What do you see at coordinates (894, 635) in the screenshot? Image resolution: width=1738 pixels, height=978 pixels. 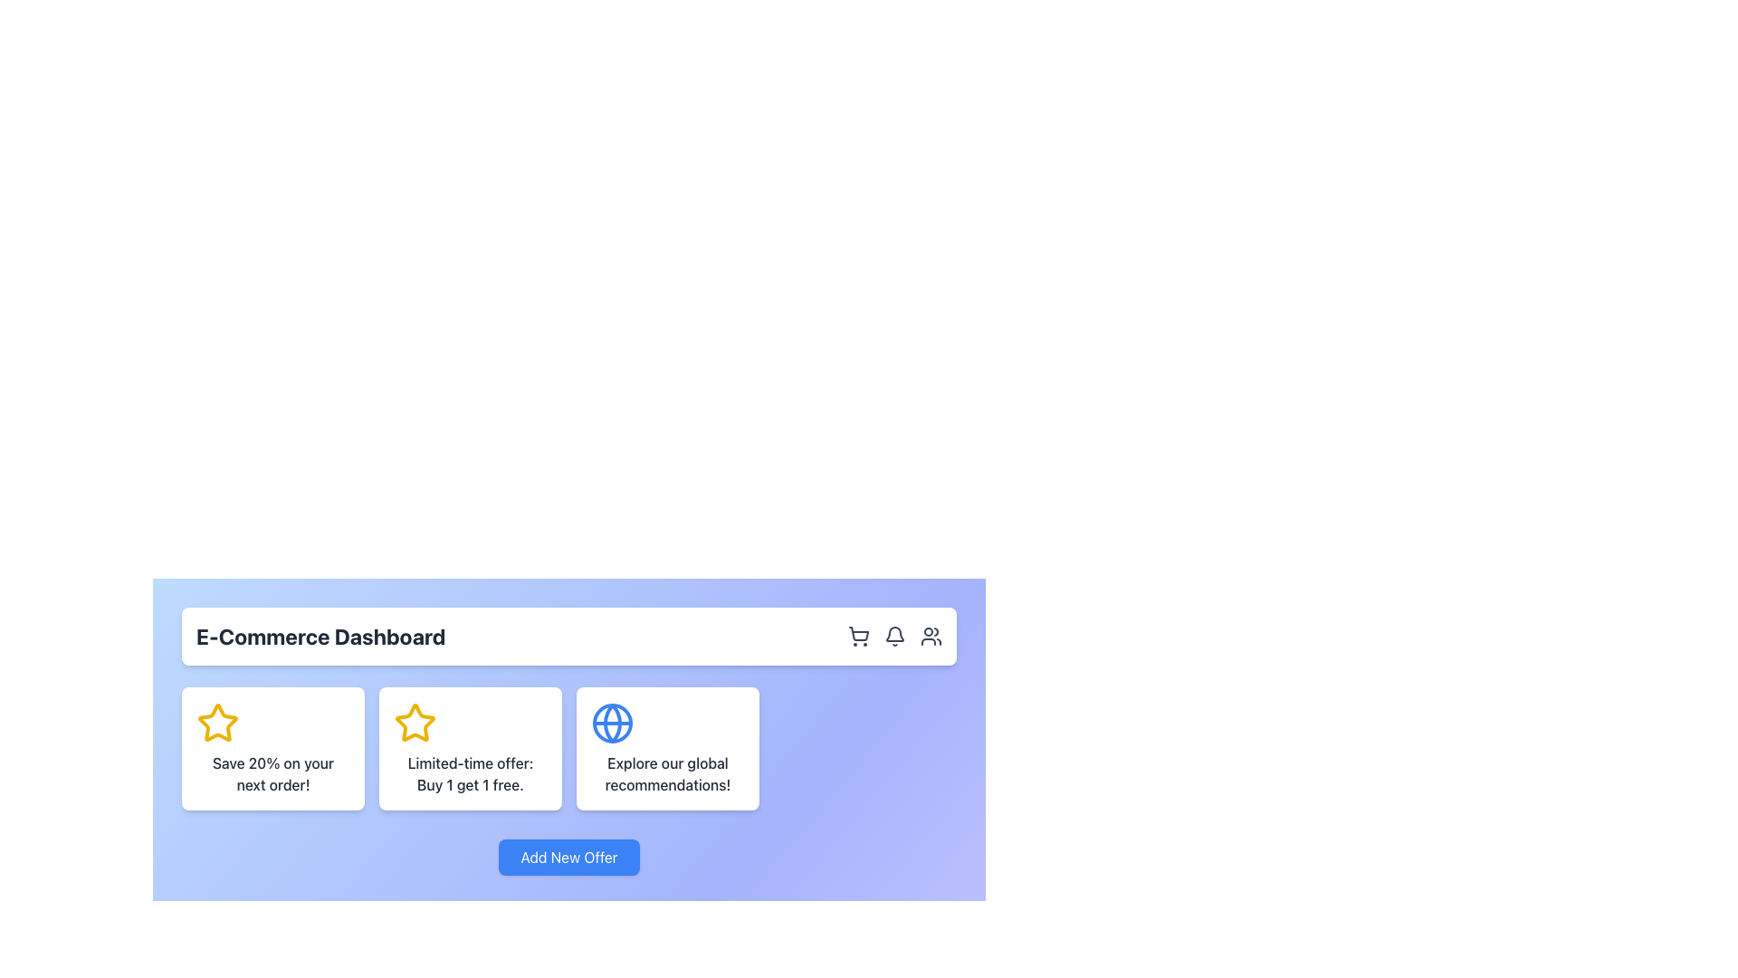 I see `the notification bell icon located between the cart icon and the user icon` at bounding box center [894, 635].